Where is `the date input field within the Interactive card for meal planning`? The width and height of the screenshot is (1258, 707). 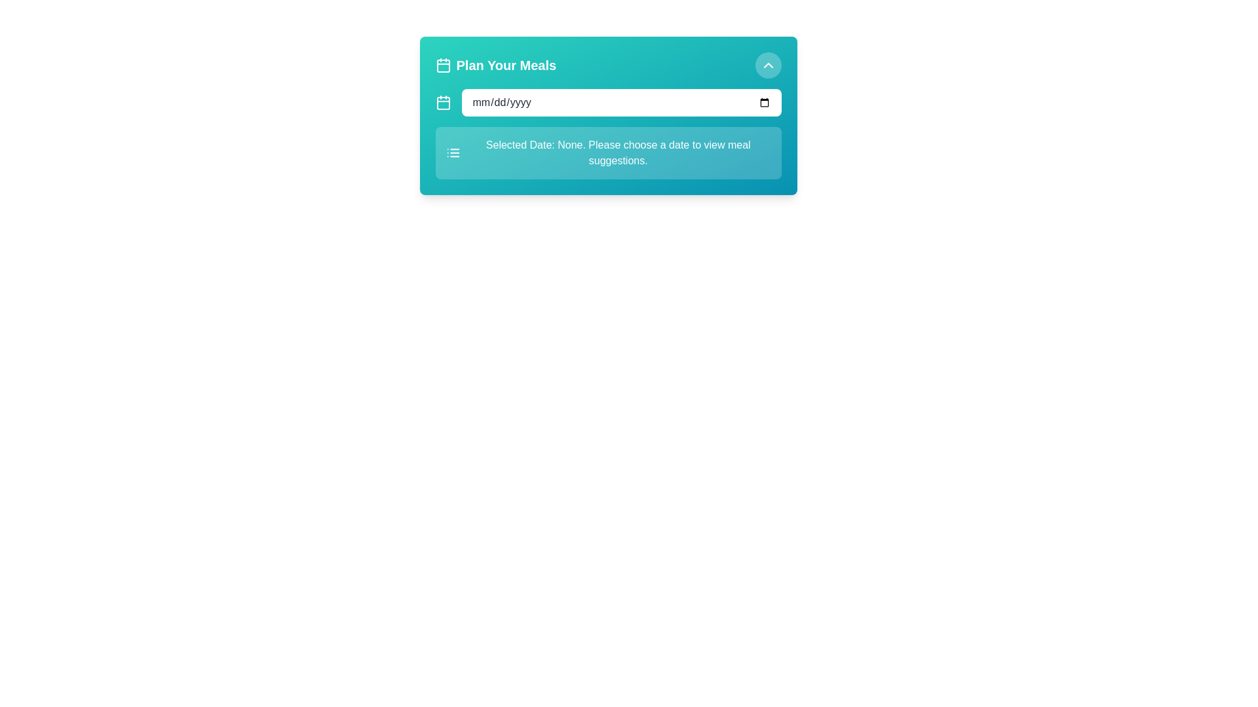 the date input field within the Interactive card for meal planning is located at coordinates (607, 115).